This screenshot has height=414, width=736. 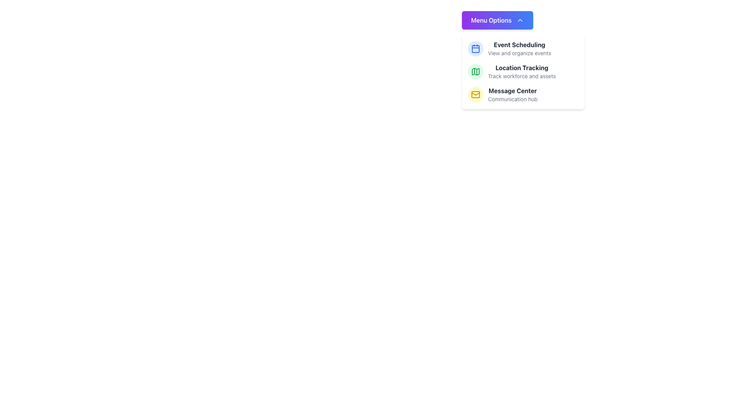 What do you see at coordinates (513, 94) in the screenshot?
I see `the 'Message Center' menu option located in the vertical list of menu options, positioned between 'Location Tracking' and the lower boundary of the menu box` at bounding box center [513, 94].